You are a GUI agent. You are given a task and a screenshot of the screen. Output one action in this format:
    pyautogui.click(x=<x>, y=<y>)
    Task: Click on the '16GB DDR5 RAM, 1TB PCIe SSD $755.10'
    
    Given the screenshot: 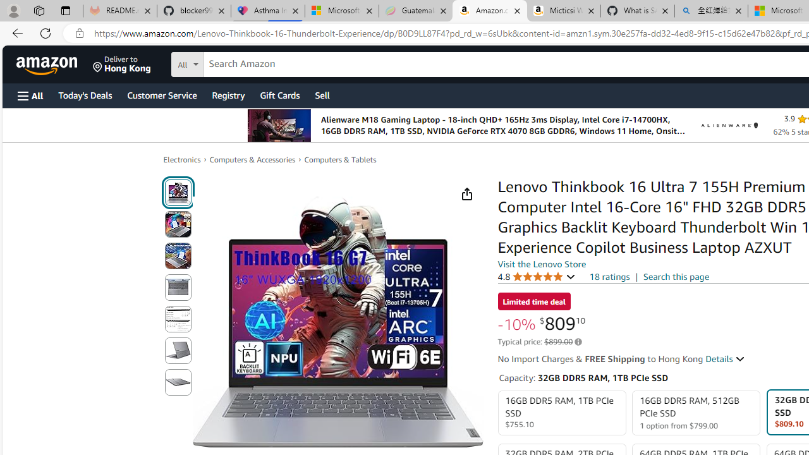 What is the action you would take?
    pyautogui.click(x=561, y=413)
    